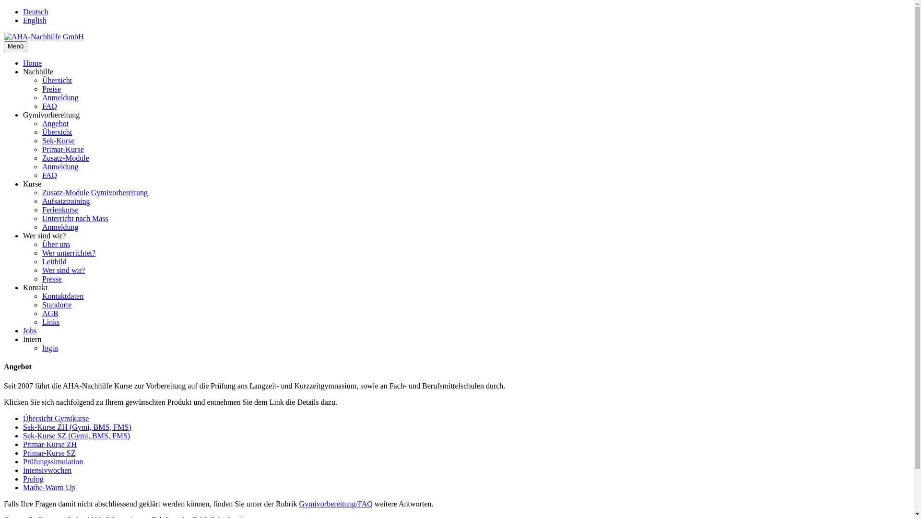 Image resolution: width=921 pixels, height=518 pixels. What do you see at coordinates (41, 218) in the screenshot?
I see `'Unterricht nach Mass'` at bounding box center [41, 218].